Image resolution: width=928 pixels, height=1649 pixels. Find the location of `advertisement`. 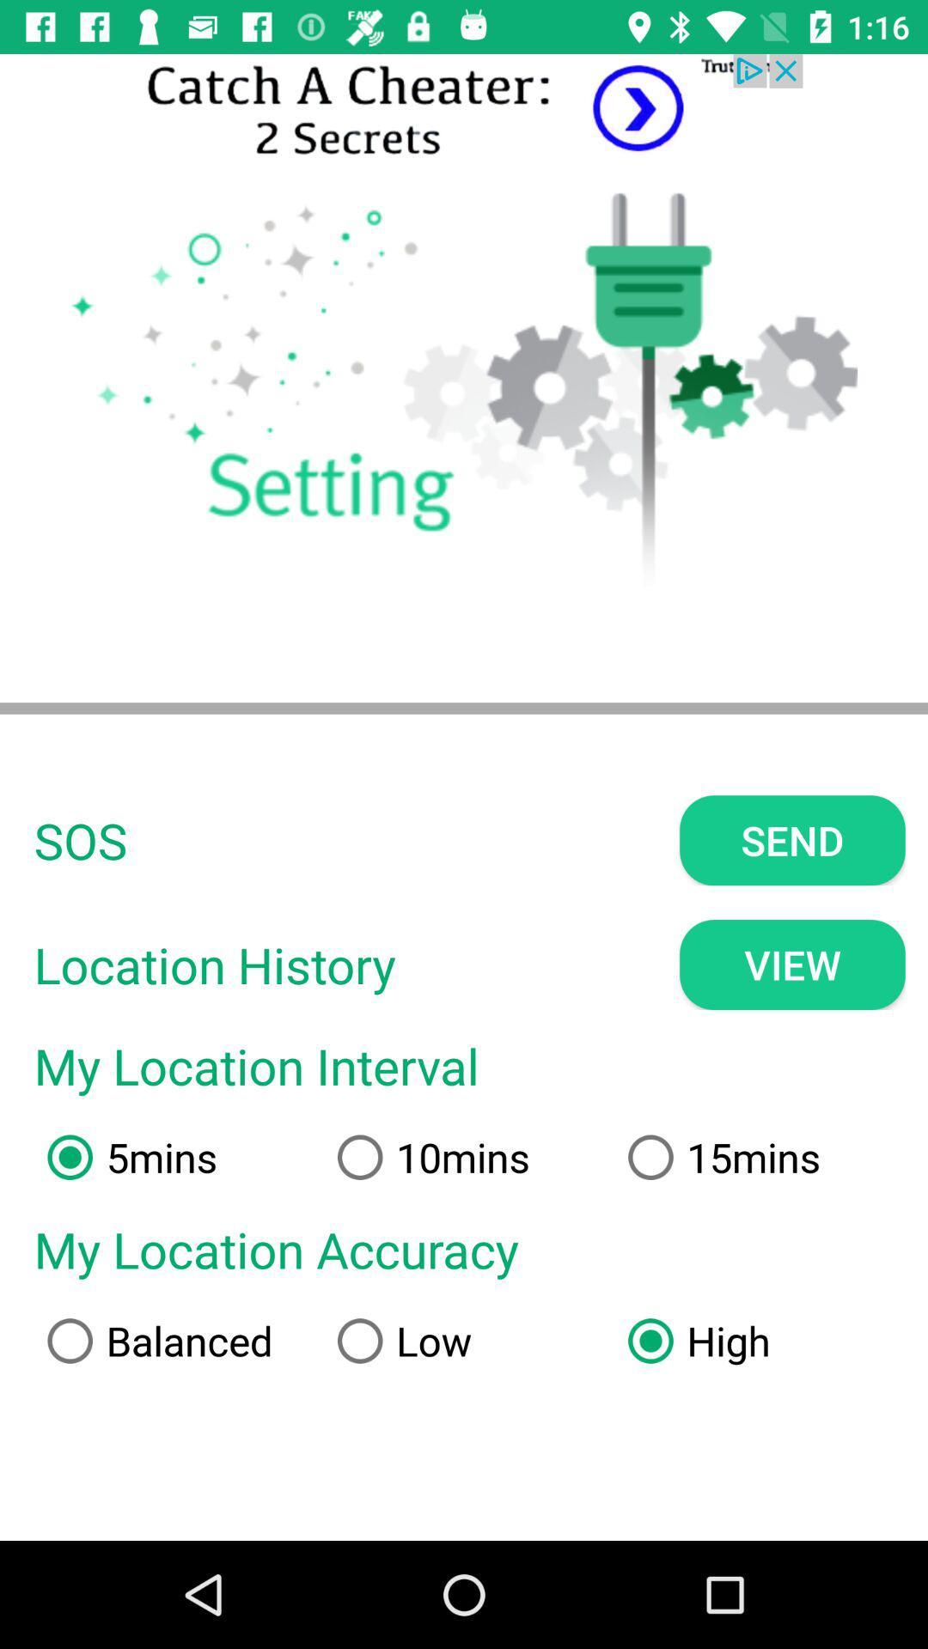

advertisement is located at coordinates (464, 109).